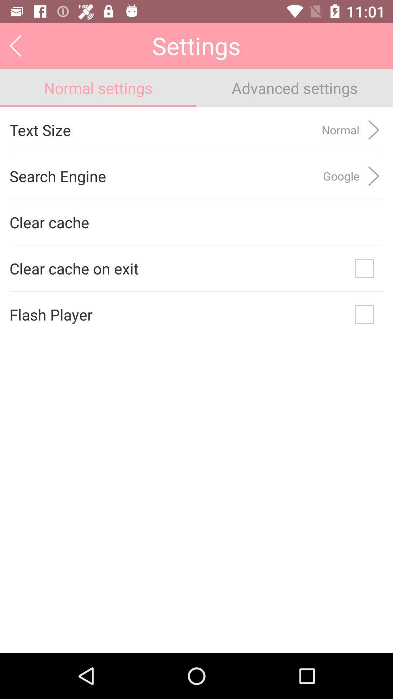  Describe the element at coordinates (364, 268) in the screenshot. I see `choose option` at that location.